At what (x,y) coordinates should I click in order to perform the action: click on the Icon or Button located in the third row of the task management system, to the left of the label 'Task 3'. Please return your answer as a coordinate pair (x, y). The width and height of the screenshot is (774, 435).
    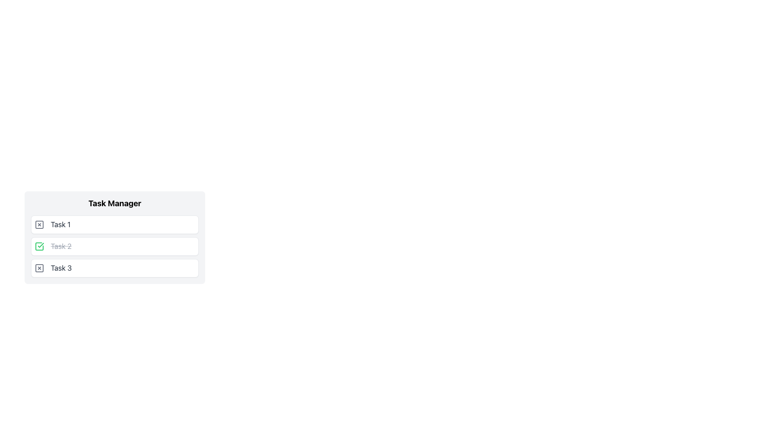
    Looking at the image, I should click on (39, 268).